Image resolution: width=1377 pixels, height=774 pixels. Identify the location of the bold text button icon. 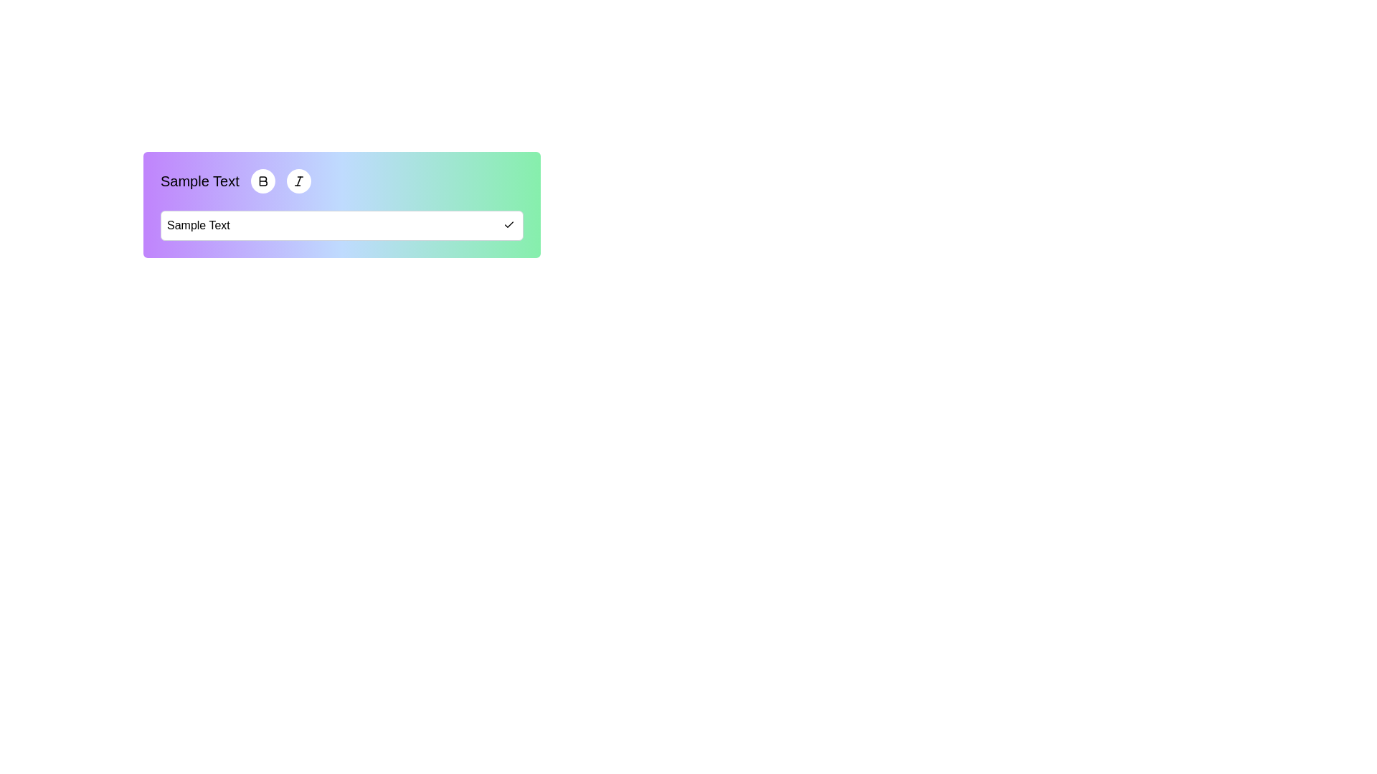
(263, 181).